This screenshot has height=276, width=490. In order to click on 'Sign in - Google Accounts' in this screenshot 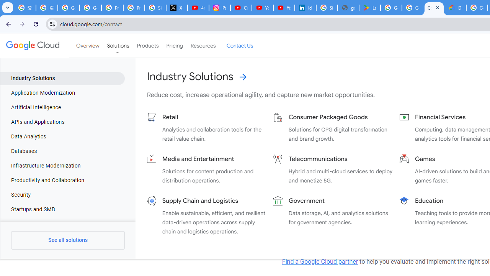, I will do `click(155, 8)`.